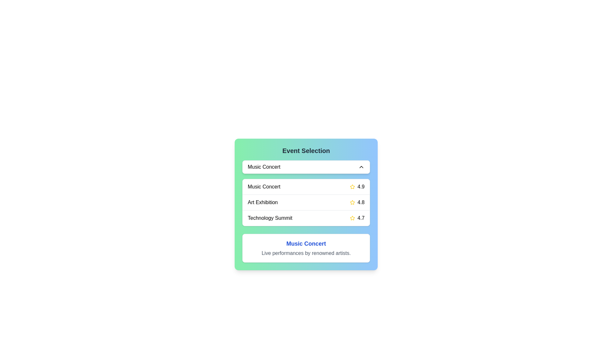  What do you see at coordinates (306, 218) in the screenshot?
I see `on the third selectable list item titled 'Technology Summit' with a rating of '4.7'` at bounding box center [306, 218].